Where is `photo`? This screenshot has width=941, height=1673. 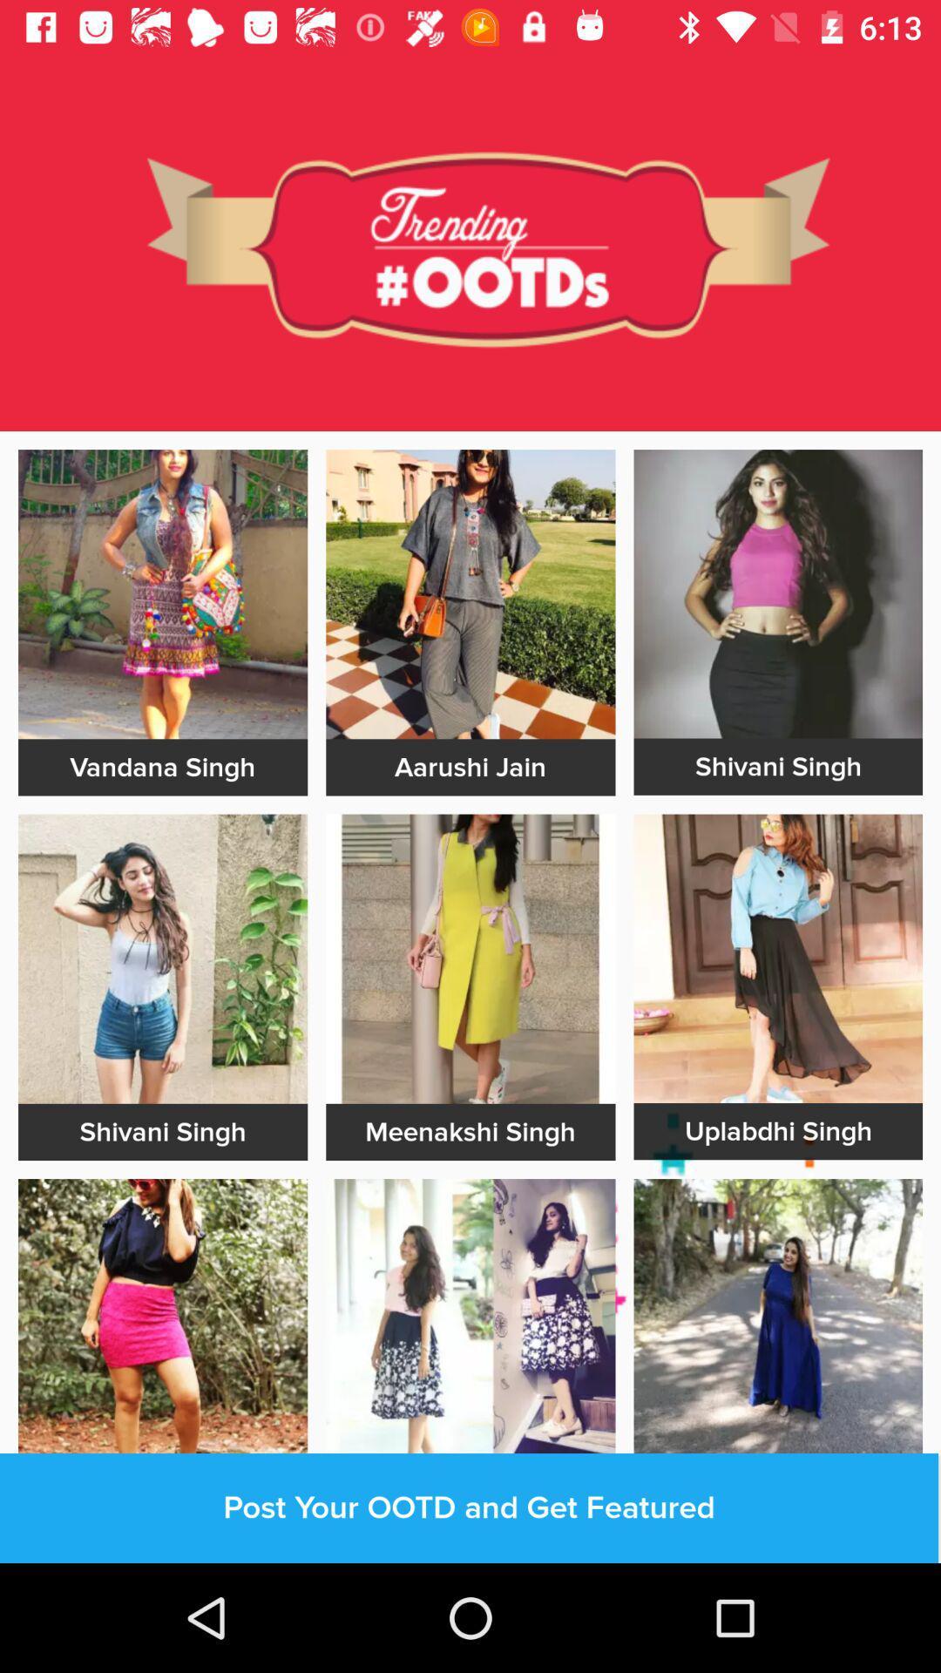
photo is located at coordinates (163, 1324).